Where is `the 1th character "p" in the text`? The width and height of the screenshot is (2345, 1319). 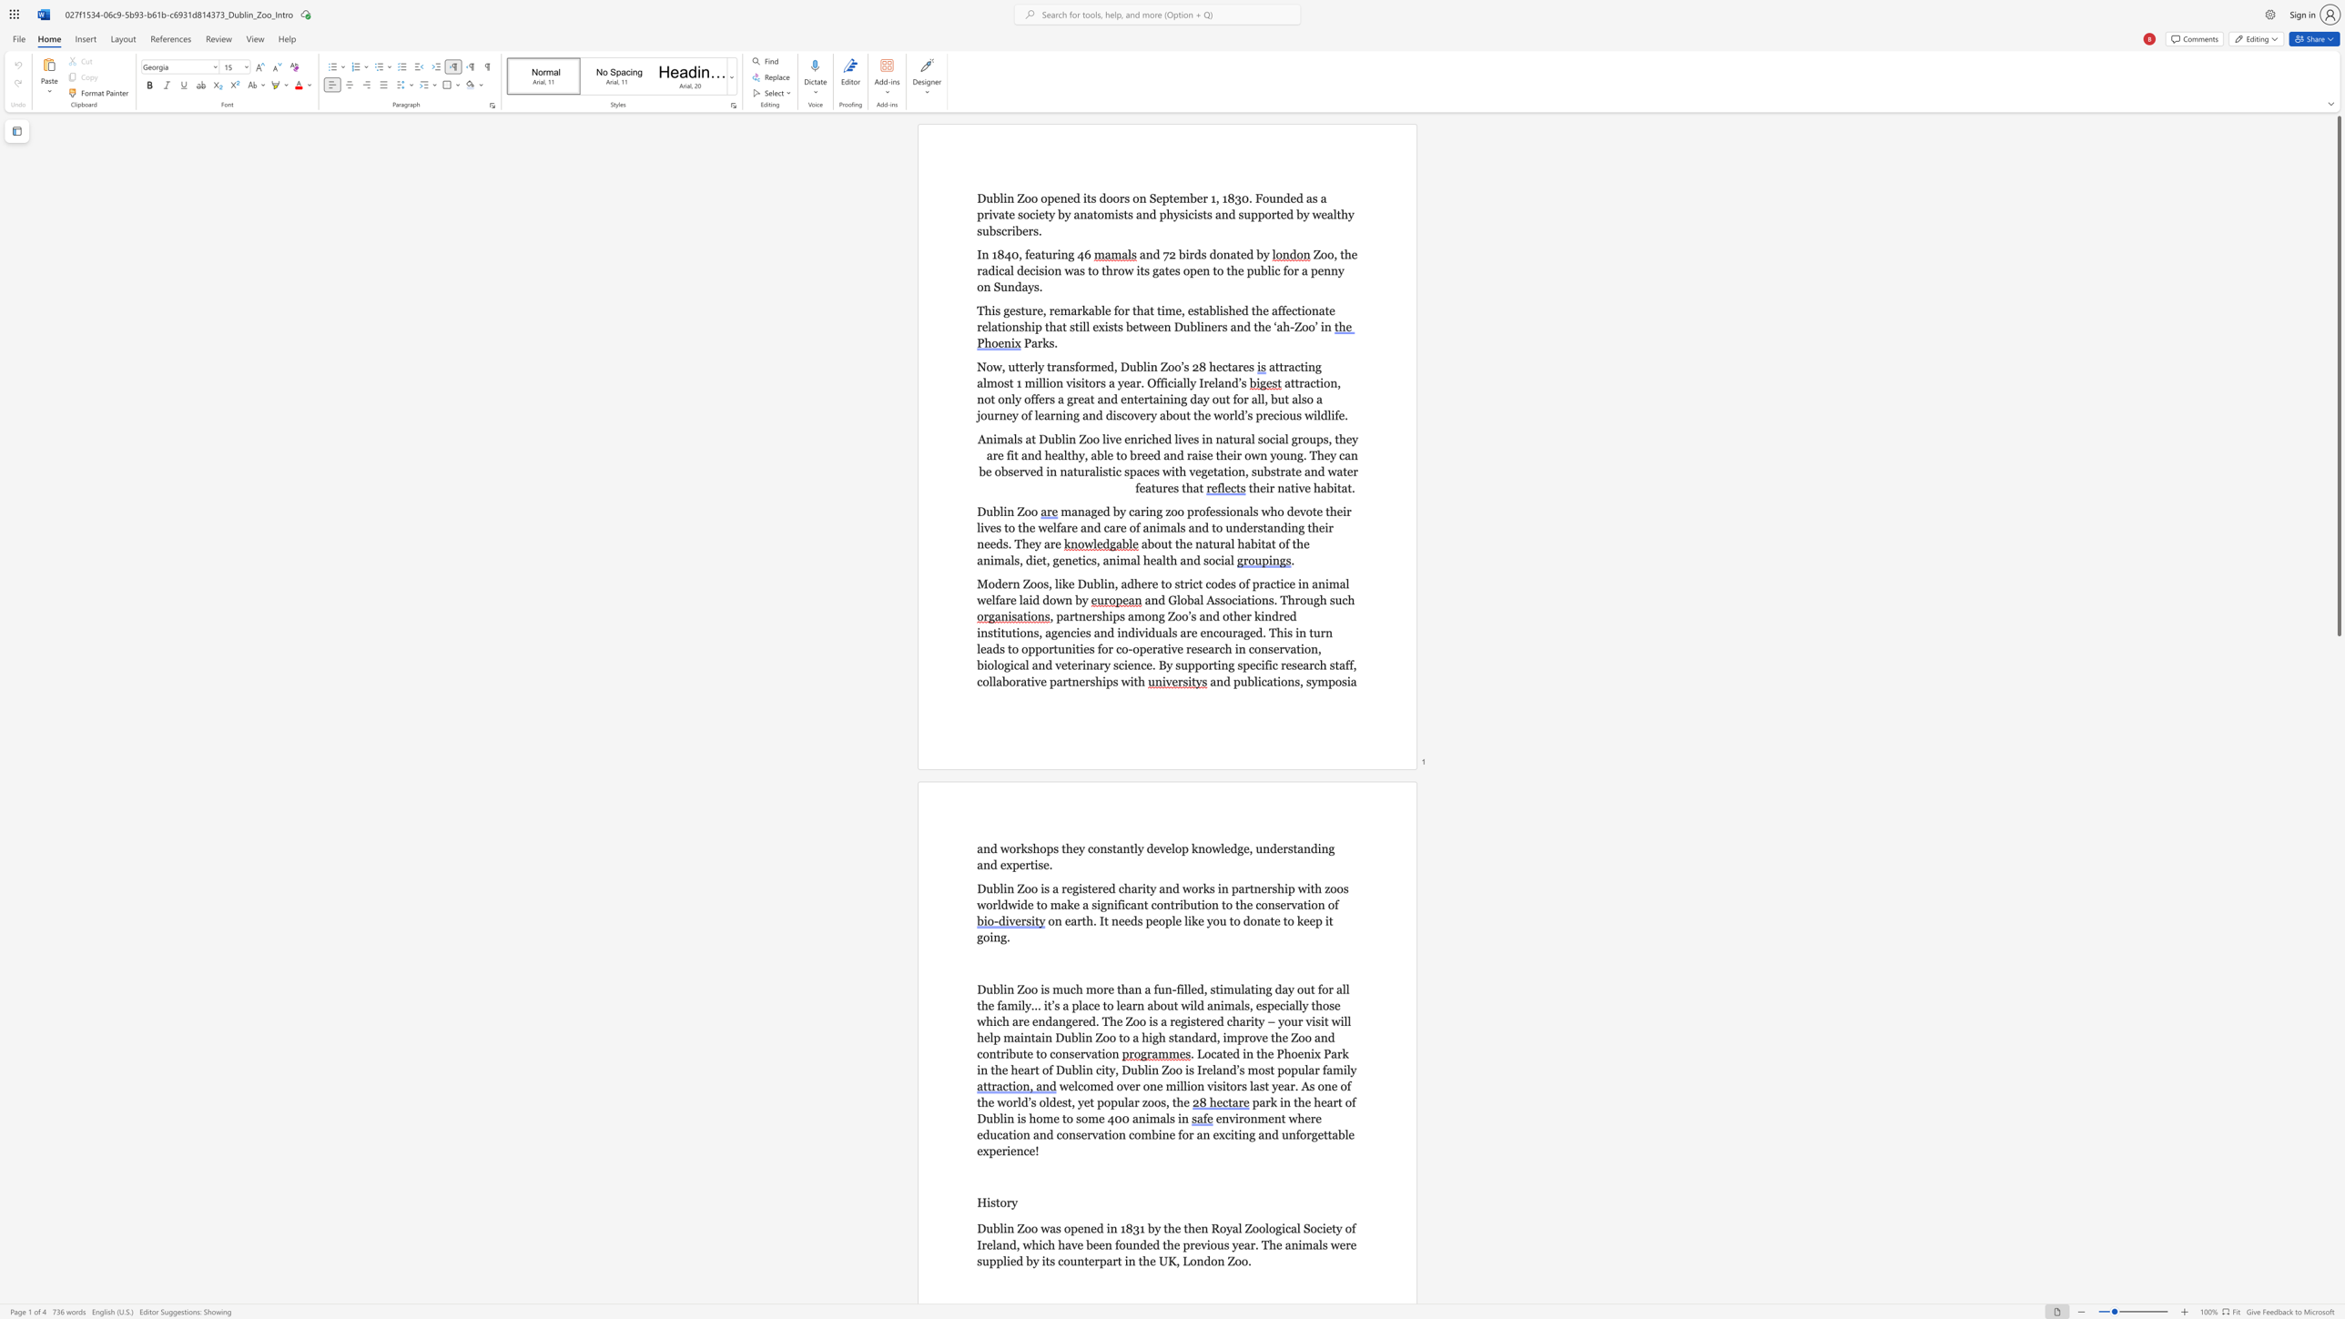 the 1th character "p" in the text is located at coordinates (1184, 848).